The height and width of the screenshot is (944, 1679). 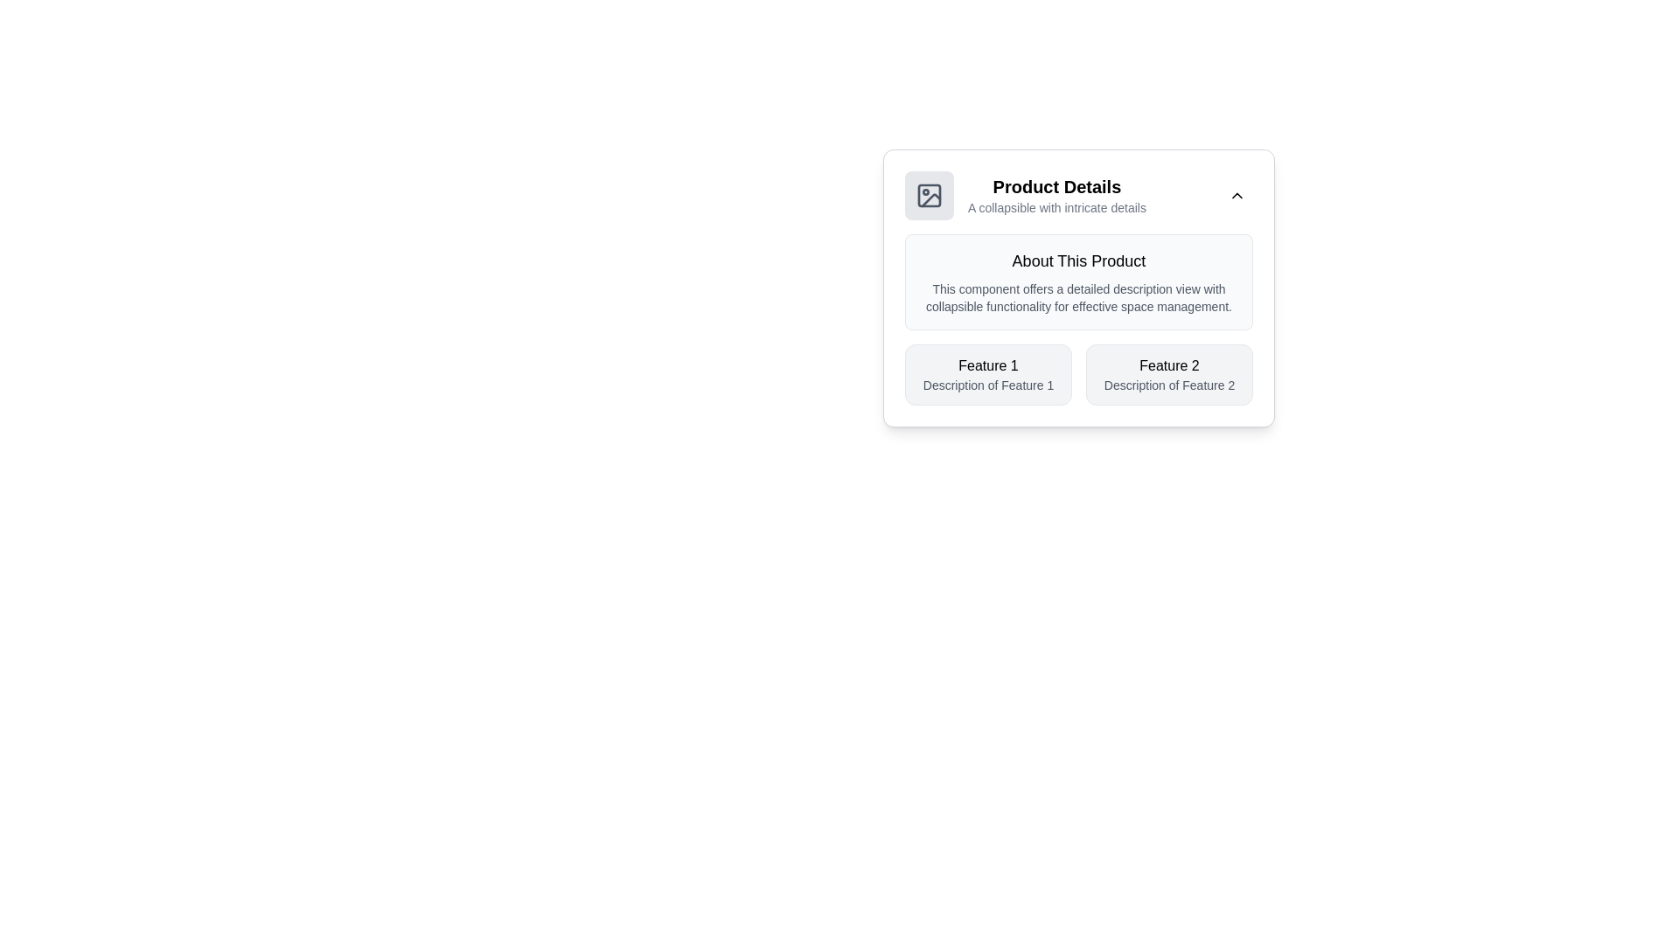 I want to click on the Text Display element, which is a block of small gray text located below the heading in the 'About This Product' section, so click(x=1077, y=296).